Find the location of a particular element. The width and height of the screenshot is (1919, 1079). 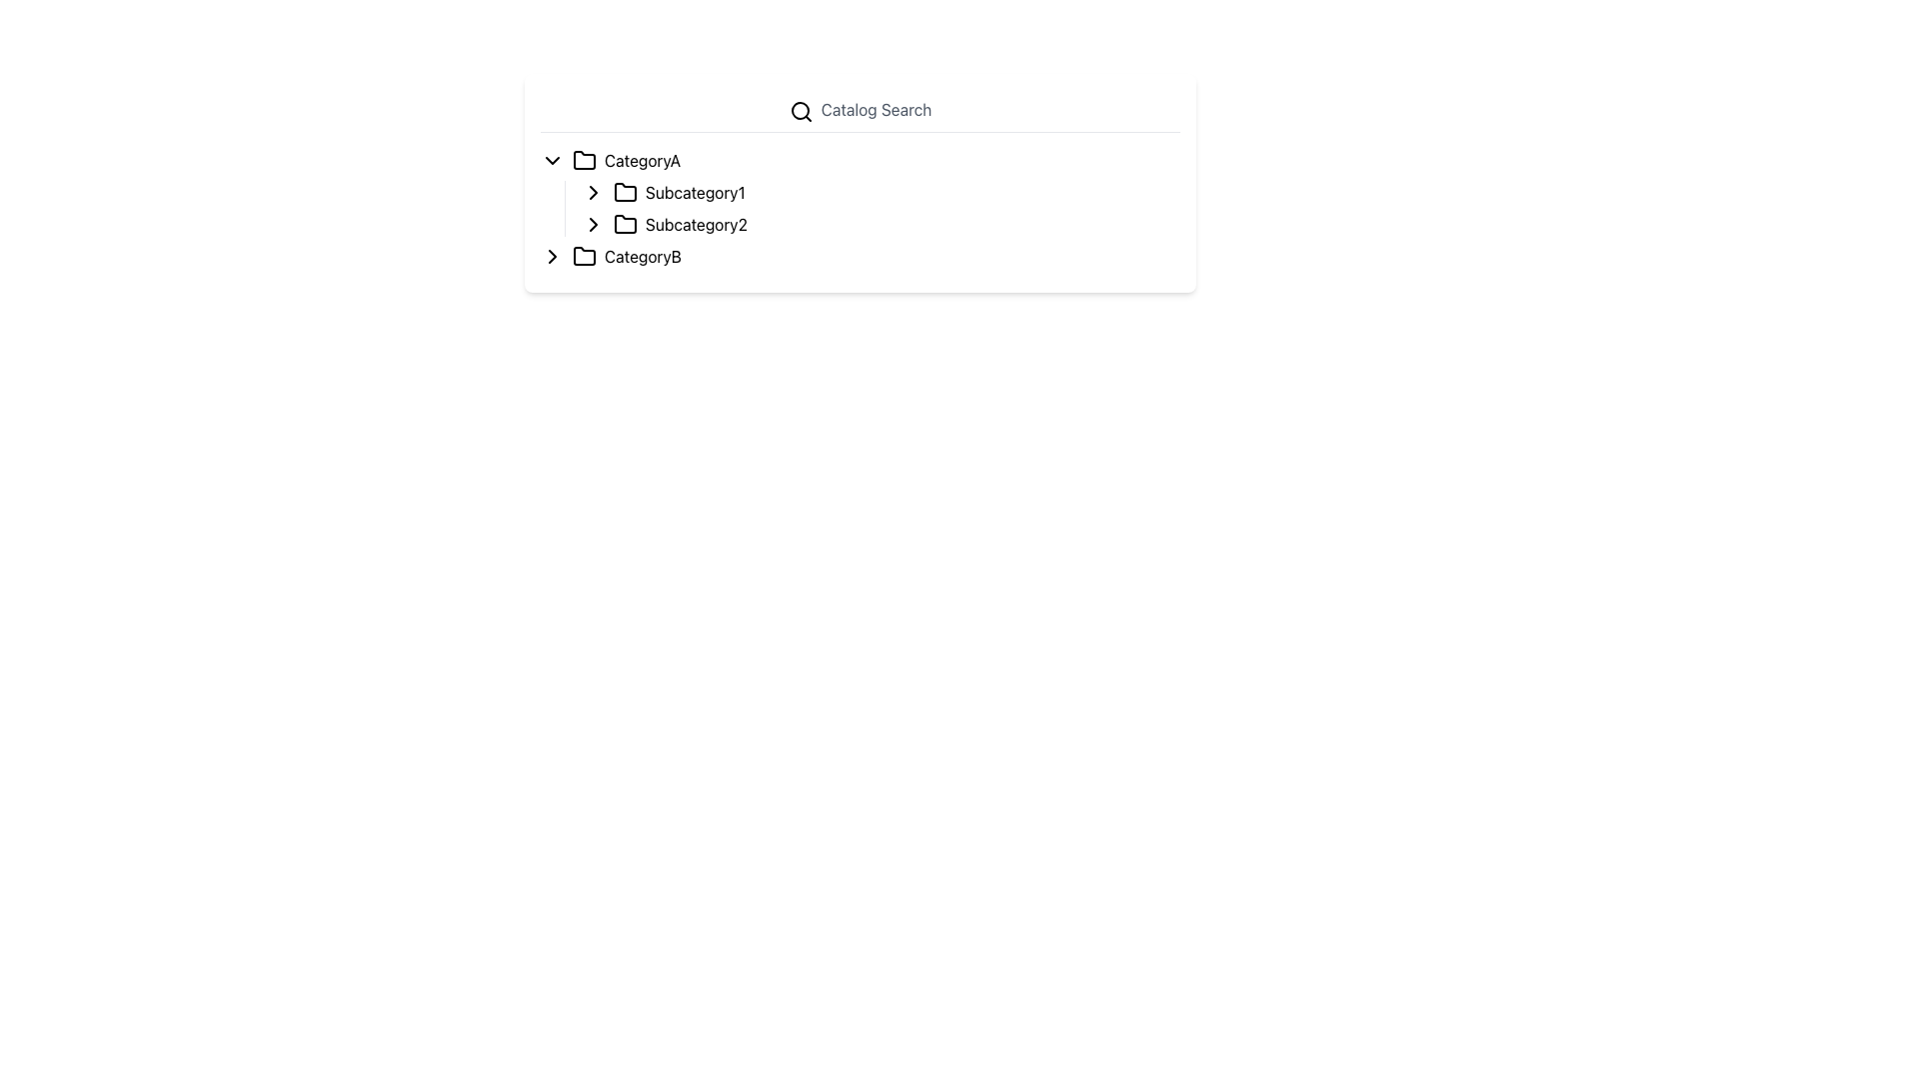

the right-pointing chevron icon next to the text 'Subcategory2' is located at coordinates (593, 223).